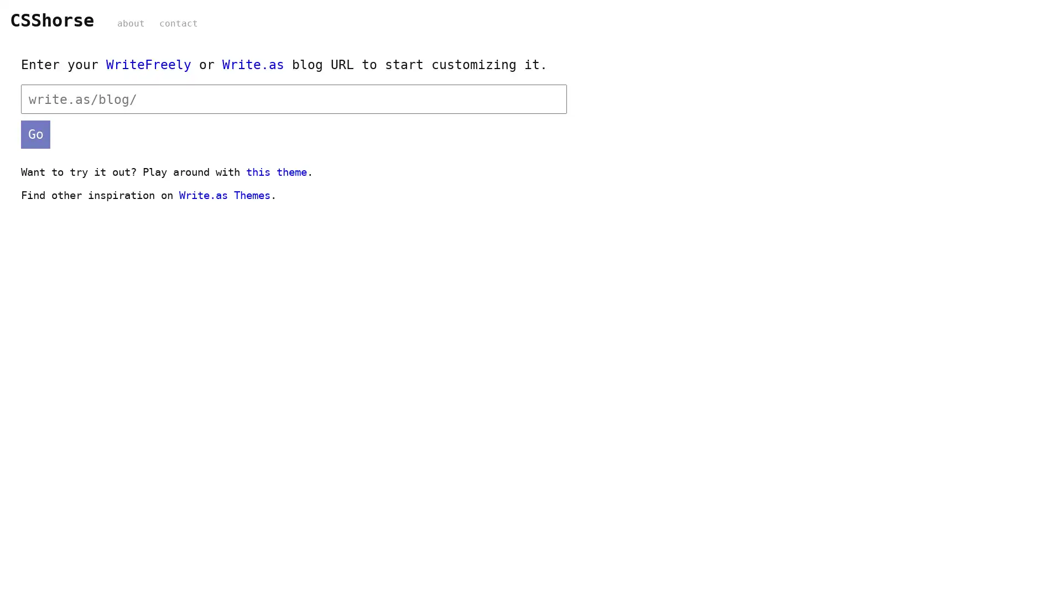 Image resolution: width=1062 pixels, height=597 pixels. I want to click on Go, so click(35, 133).